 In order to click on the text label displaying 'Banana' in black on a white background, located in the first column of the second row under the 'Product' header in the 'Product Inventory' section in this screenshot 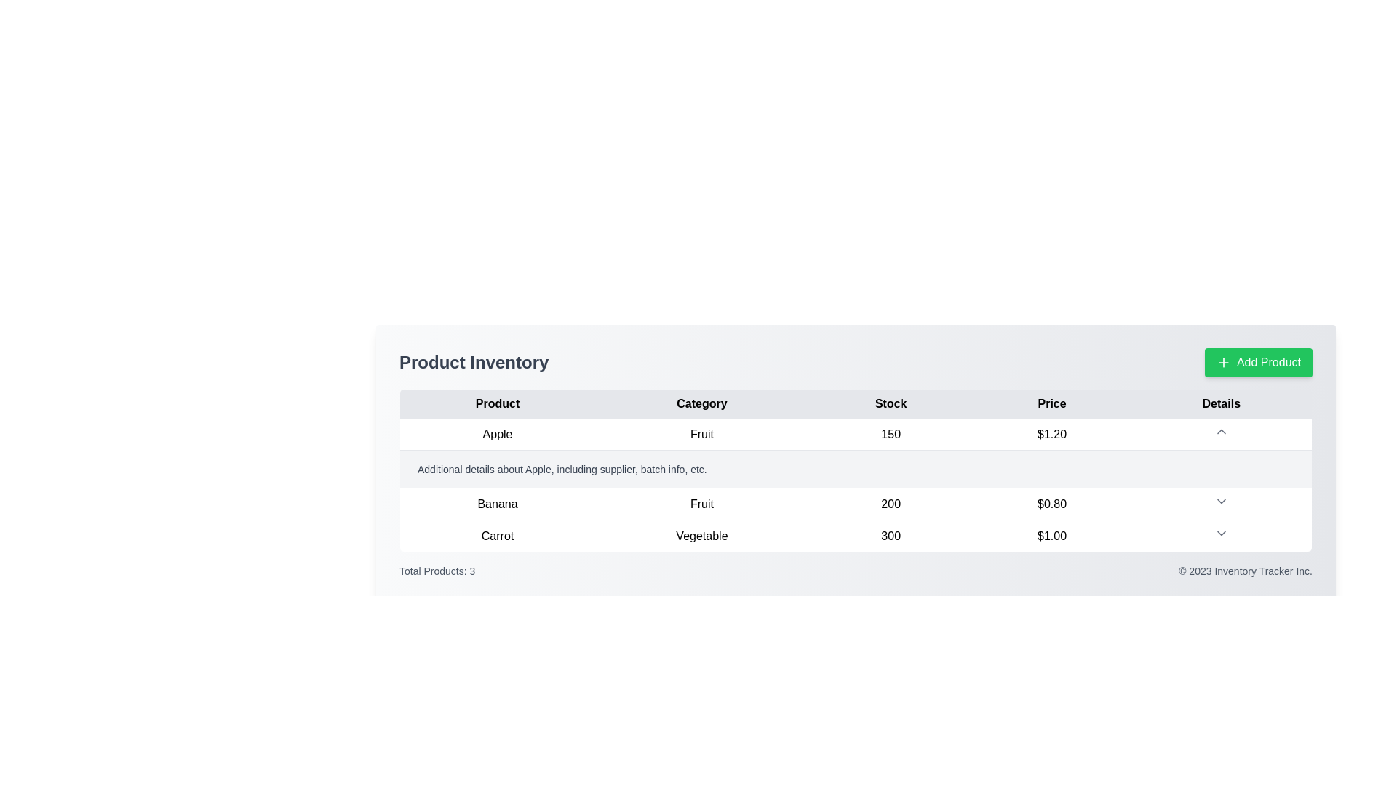, I will do `click(497, 503)`.